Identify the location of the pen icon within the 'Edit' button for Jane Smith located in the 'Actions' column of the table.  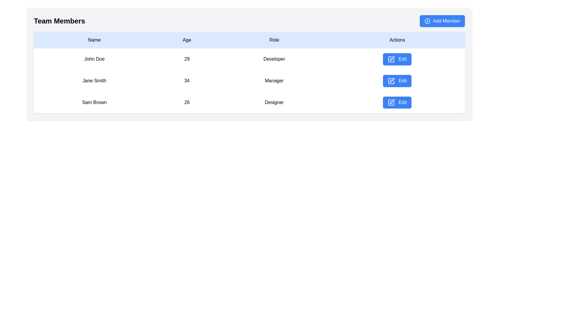
(392, 80).